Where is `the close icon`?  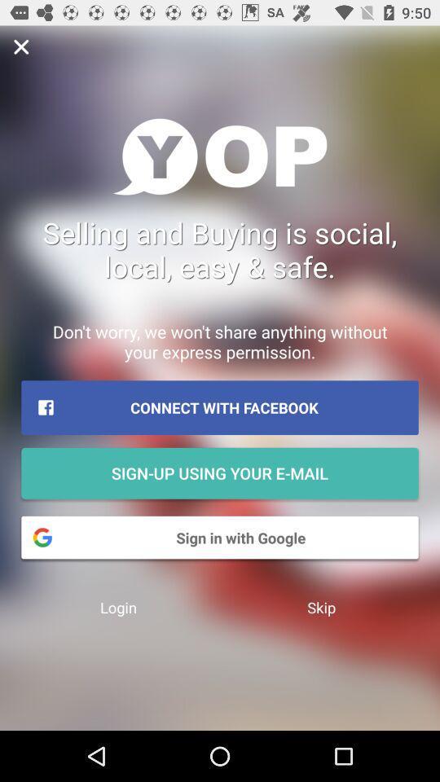 the close icon is located at coordinates (20, 46).